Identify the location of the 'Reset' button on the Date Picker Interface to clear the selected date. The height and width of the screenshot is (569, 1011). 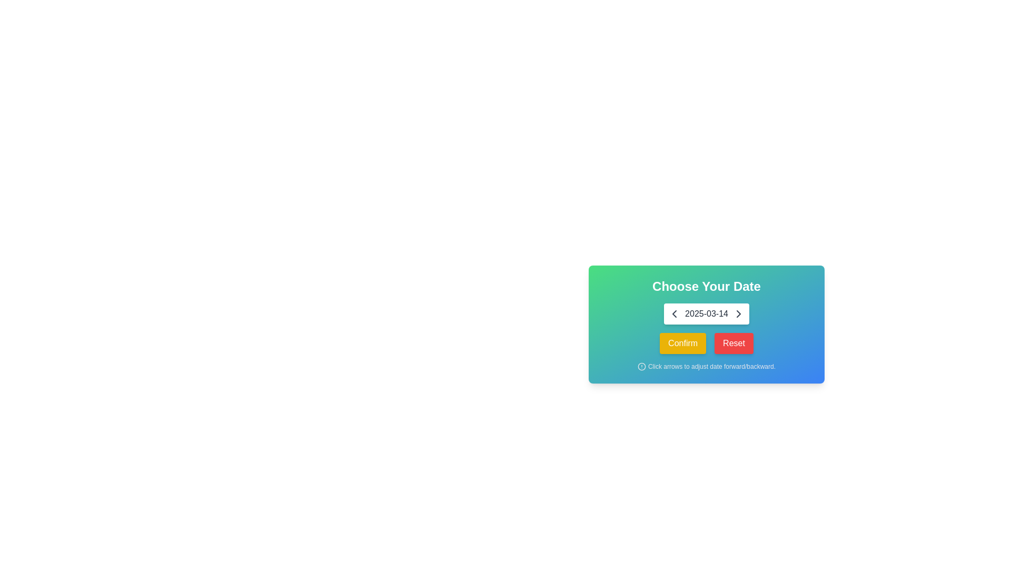
(707, 324).